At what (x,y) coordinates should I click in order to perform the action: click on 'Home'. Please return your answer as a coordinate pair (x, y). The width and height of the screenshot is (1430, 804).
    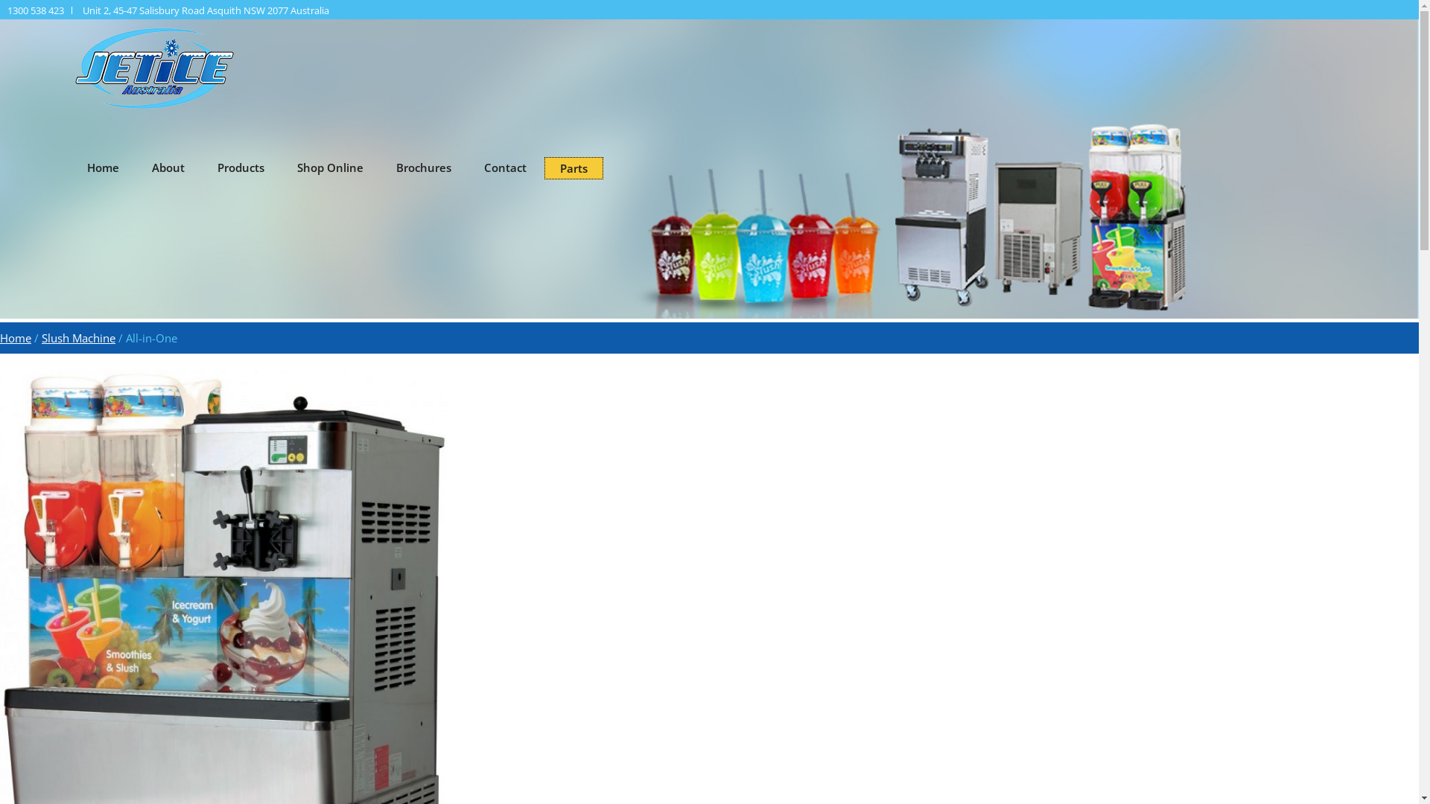
    Looking at the image, I should click on (102, 167).